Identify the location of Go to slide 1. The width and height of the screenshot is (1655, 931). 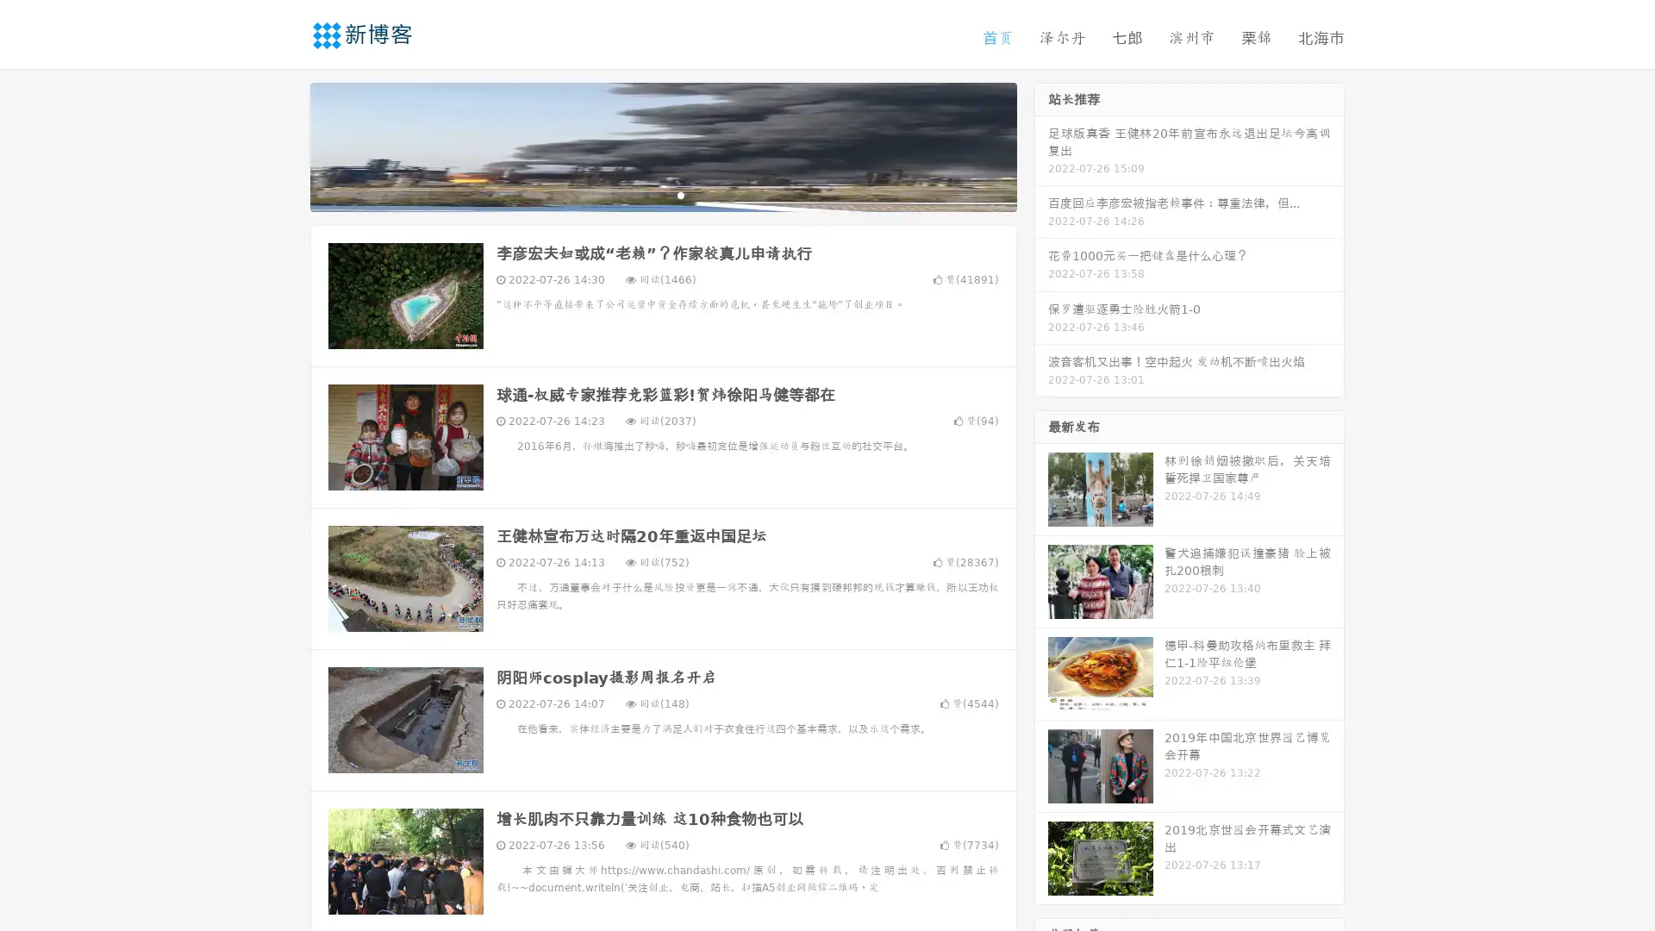
(645, 194).